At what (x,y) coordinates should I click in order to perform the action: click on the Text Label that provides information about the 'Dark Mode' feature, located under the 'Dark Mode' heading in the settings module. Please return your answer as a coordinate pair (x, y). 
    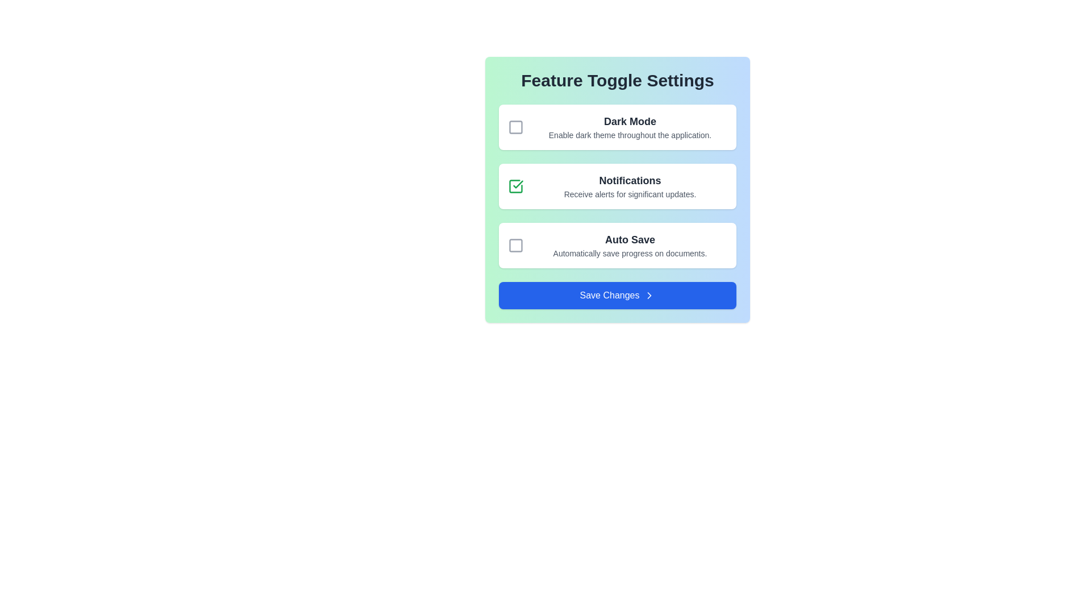
    Looking at the image, I should click on (629, 135).